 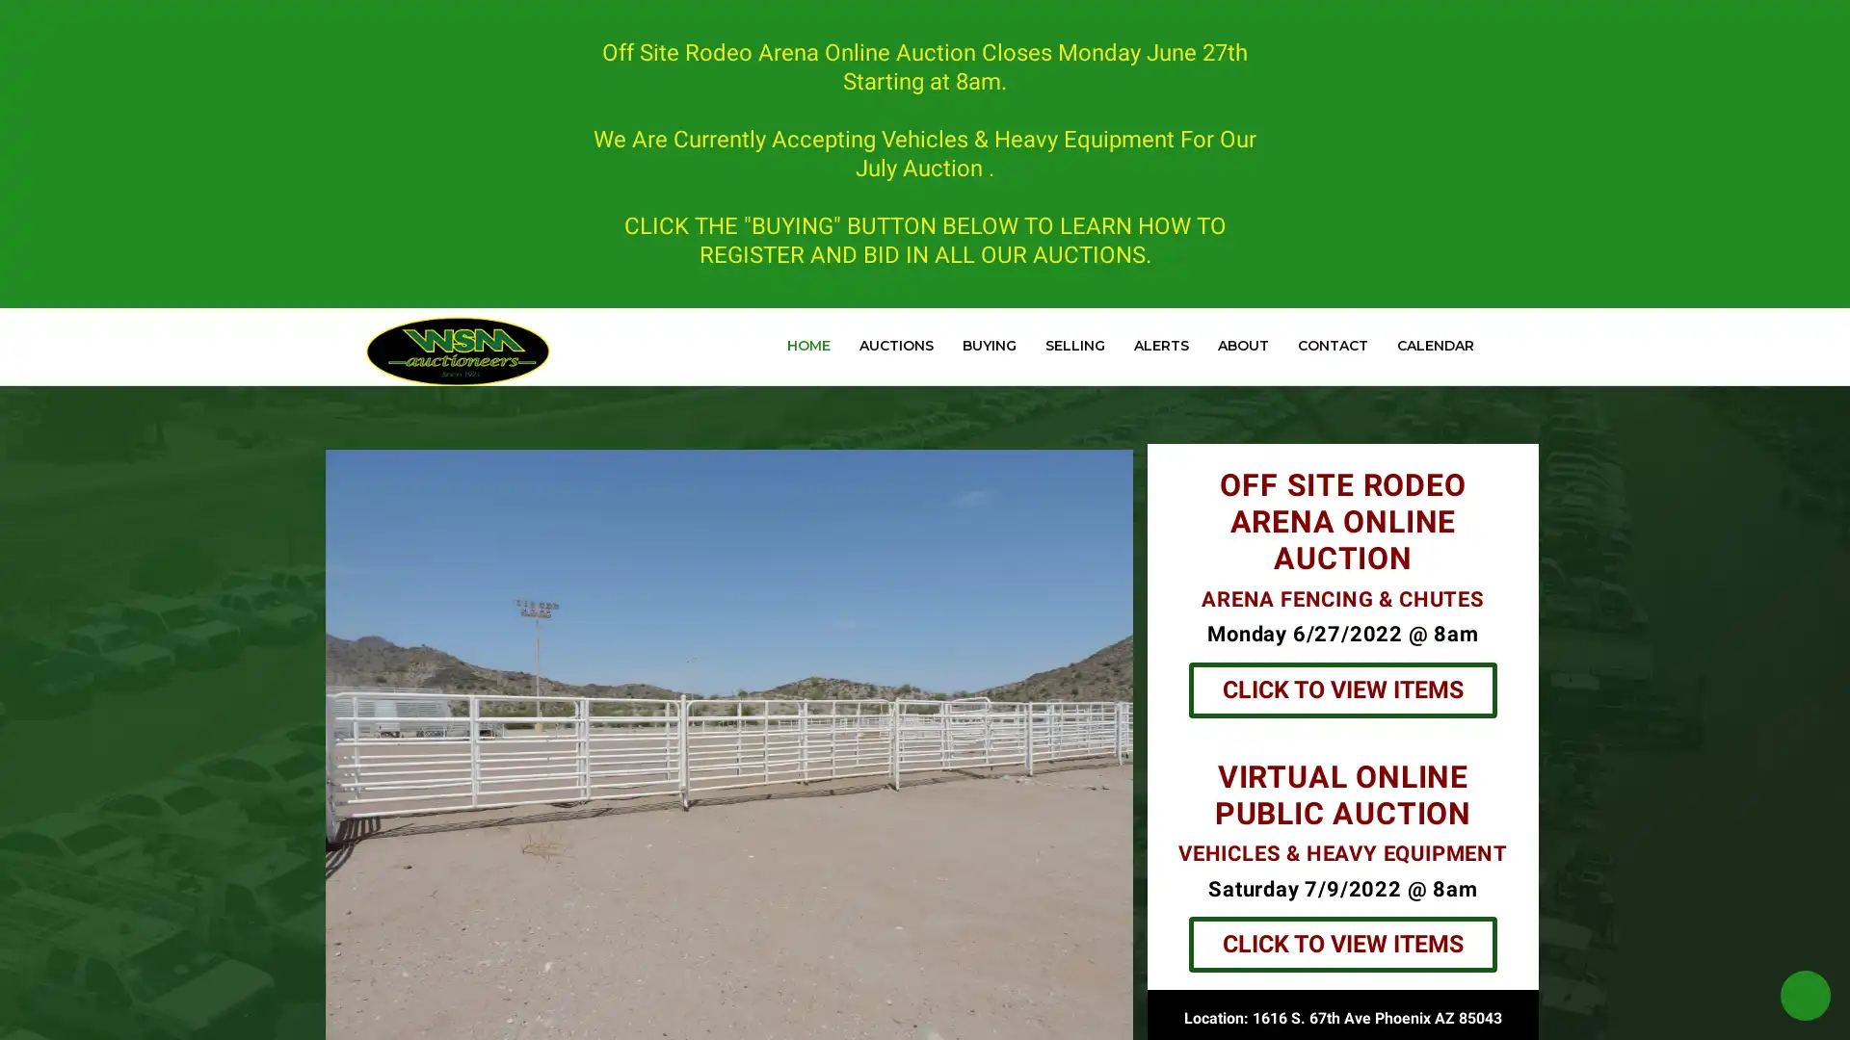 What do you see at coordinates (1340, 943) in the screenshot?
I see `CLICK TO VIEW ITEMS` at bounding box center [1340, 943].